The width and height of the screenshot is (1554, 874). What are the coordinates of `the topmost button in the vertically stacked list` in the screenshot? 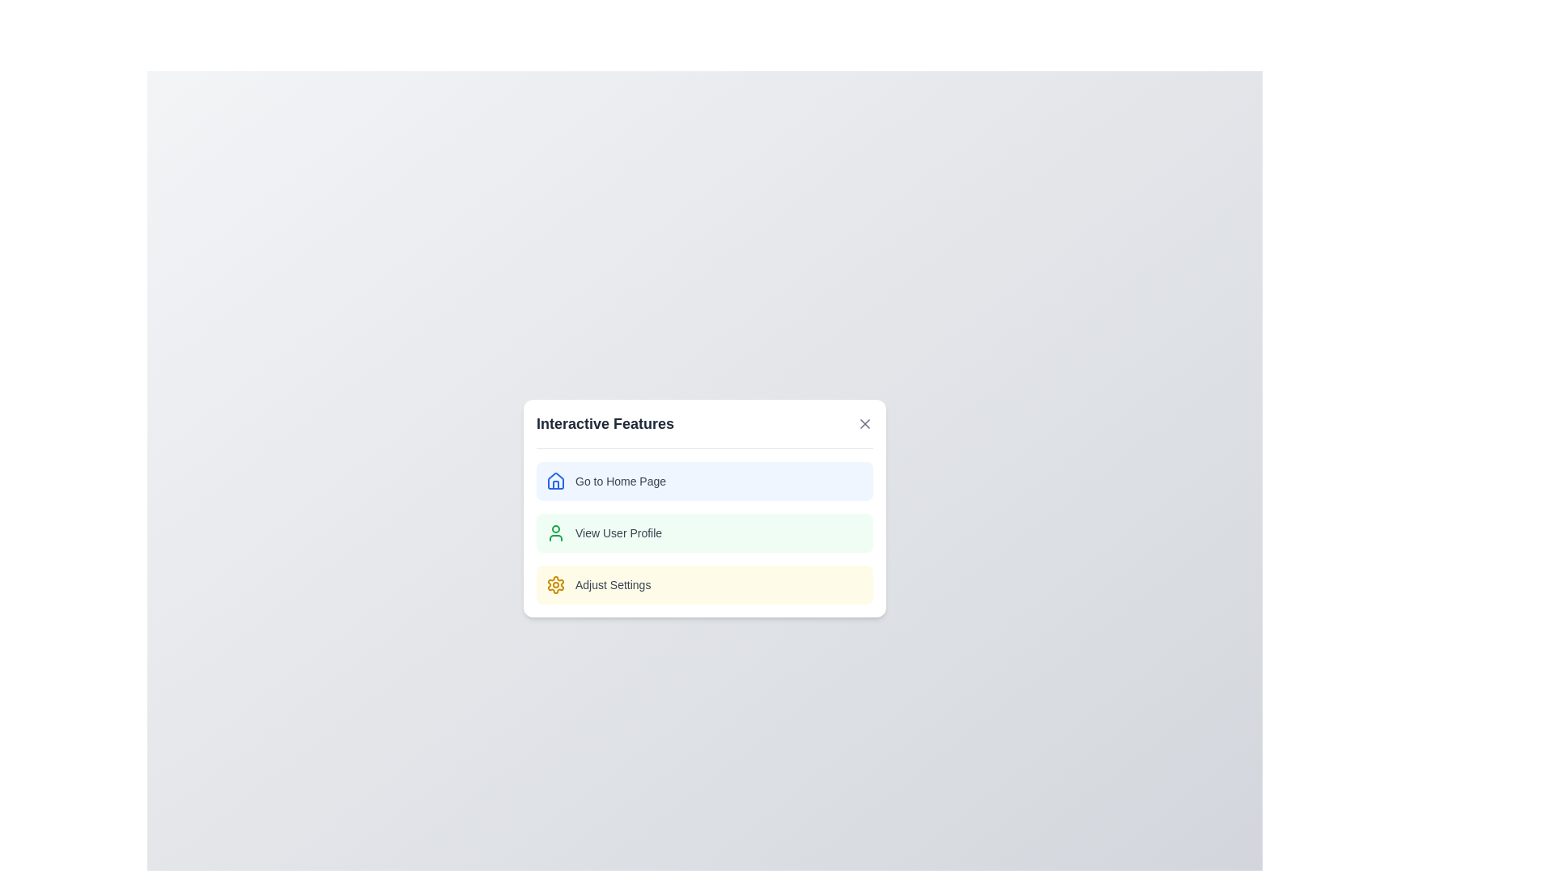 It's located at (704, 480).